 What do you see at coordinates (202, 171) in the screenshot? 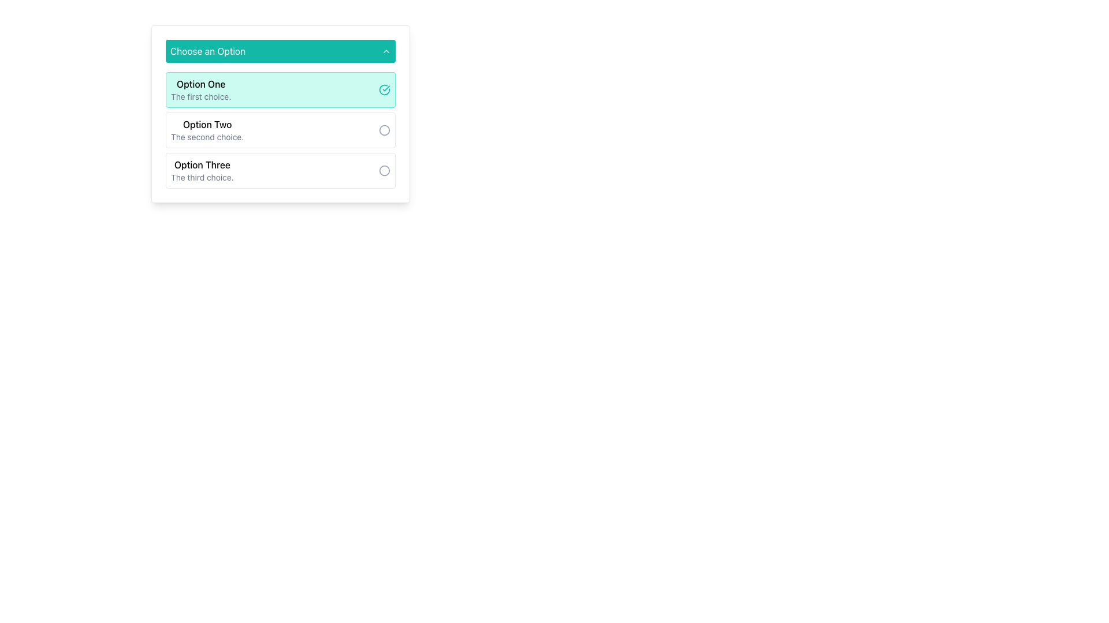
I see `the third option in the dropdown list labeled 'Choose an Option', which is positioned below 'Option One' and 'Option Two'` at bounding box center [202, 171].